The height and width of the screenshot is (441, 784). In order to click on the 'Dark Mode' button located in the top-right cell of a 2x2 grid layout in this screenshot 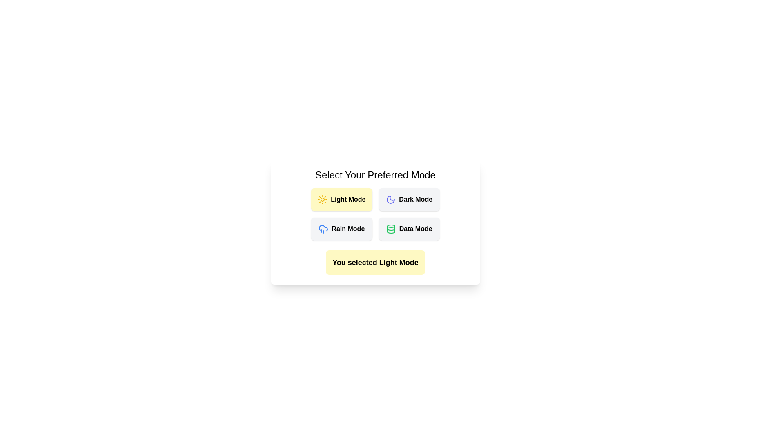, I will do `click(409, 200)`.